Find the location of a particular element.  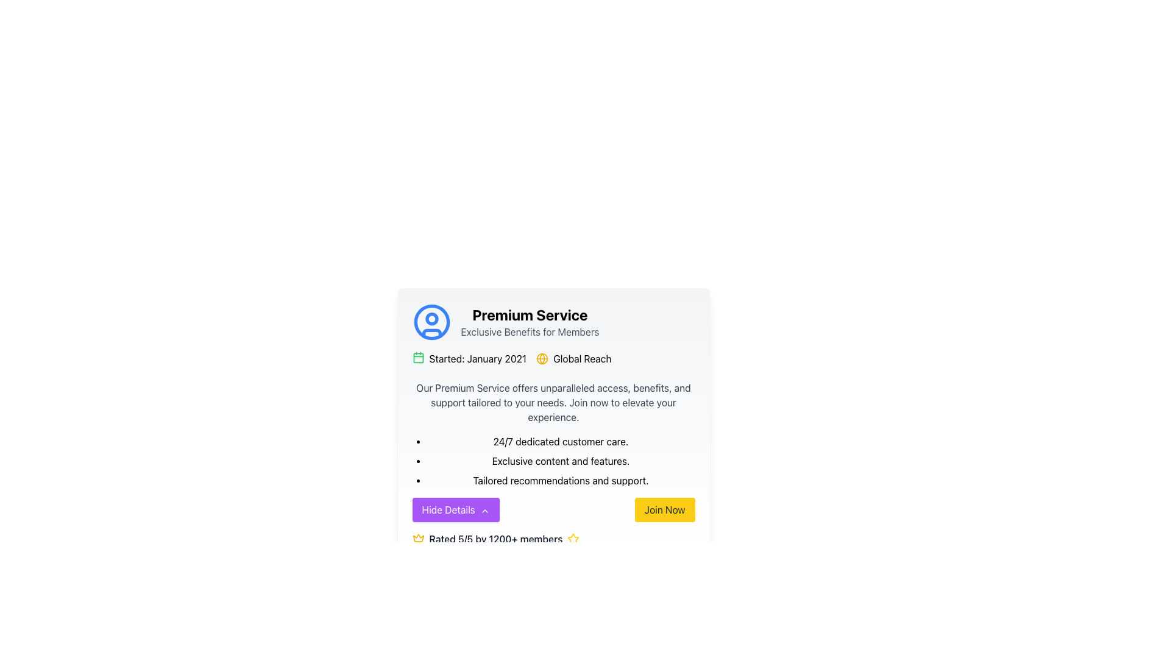

the header element titled 'Premium Service' with the subtitle 'Exclusive Benefits for Members' and an adjacent blue circular user silhouette icon is located at coordinates (553, 321).